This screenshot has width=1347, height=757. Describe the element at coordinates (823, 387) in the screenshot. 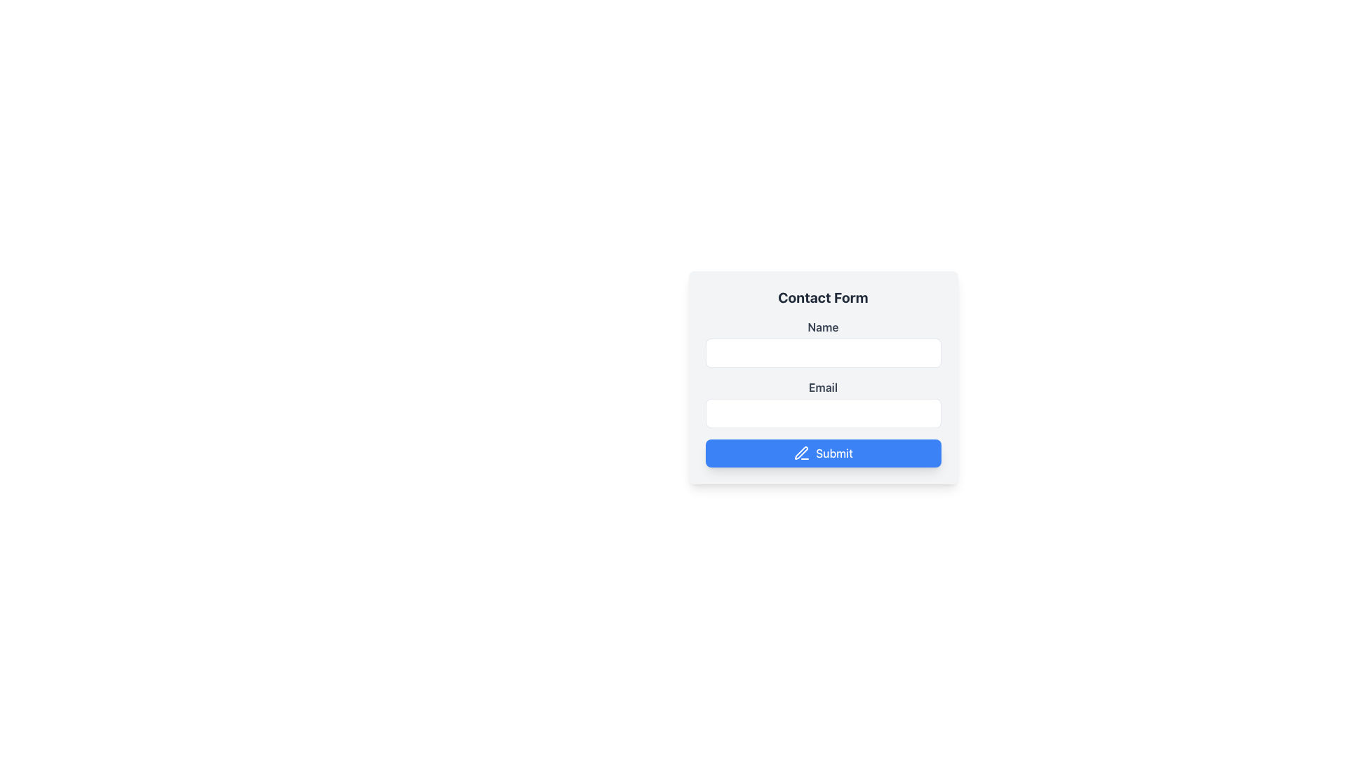

I see `the text label that reads 'Email', which is styled in bold dark gray font and located above the email input field in the contact form layout` at that location.